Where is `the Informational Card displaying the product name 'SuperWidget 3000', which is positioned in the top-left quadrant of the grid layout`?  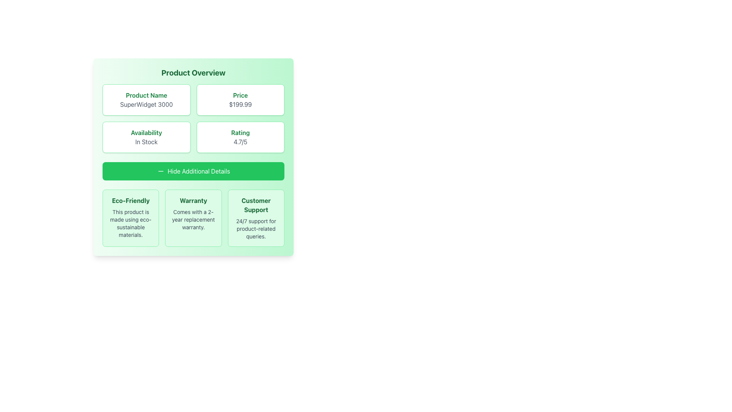 the Informational Card displaying the product name 'SuperWidget 3000', which is positioned in the top-left quadrant of the grid layout is located at coordinates (146, 100).